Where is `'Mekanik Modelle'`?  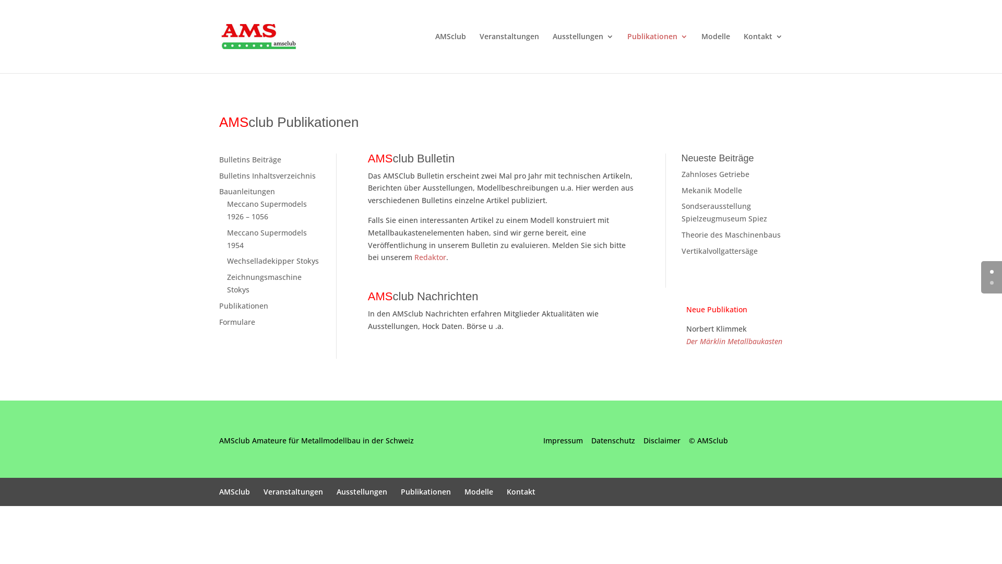 'Mekanik Modelle' is located at coordinates (711, 190).